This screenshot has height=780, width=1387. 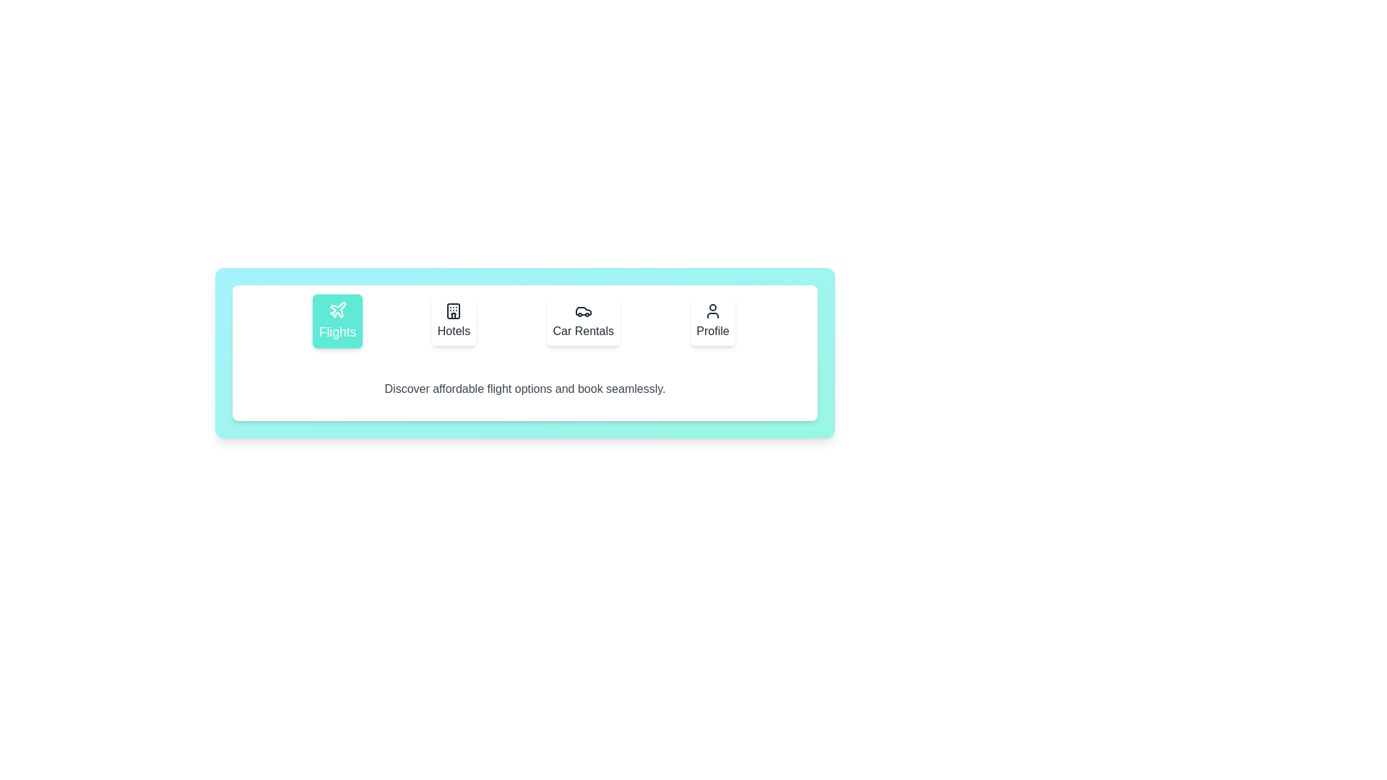 What do you see at coordinates (337, 320) in the screenshot?
I see `the Flights tab to view its content` at bounding box center [337, 320].